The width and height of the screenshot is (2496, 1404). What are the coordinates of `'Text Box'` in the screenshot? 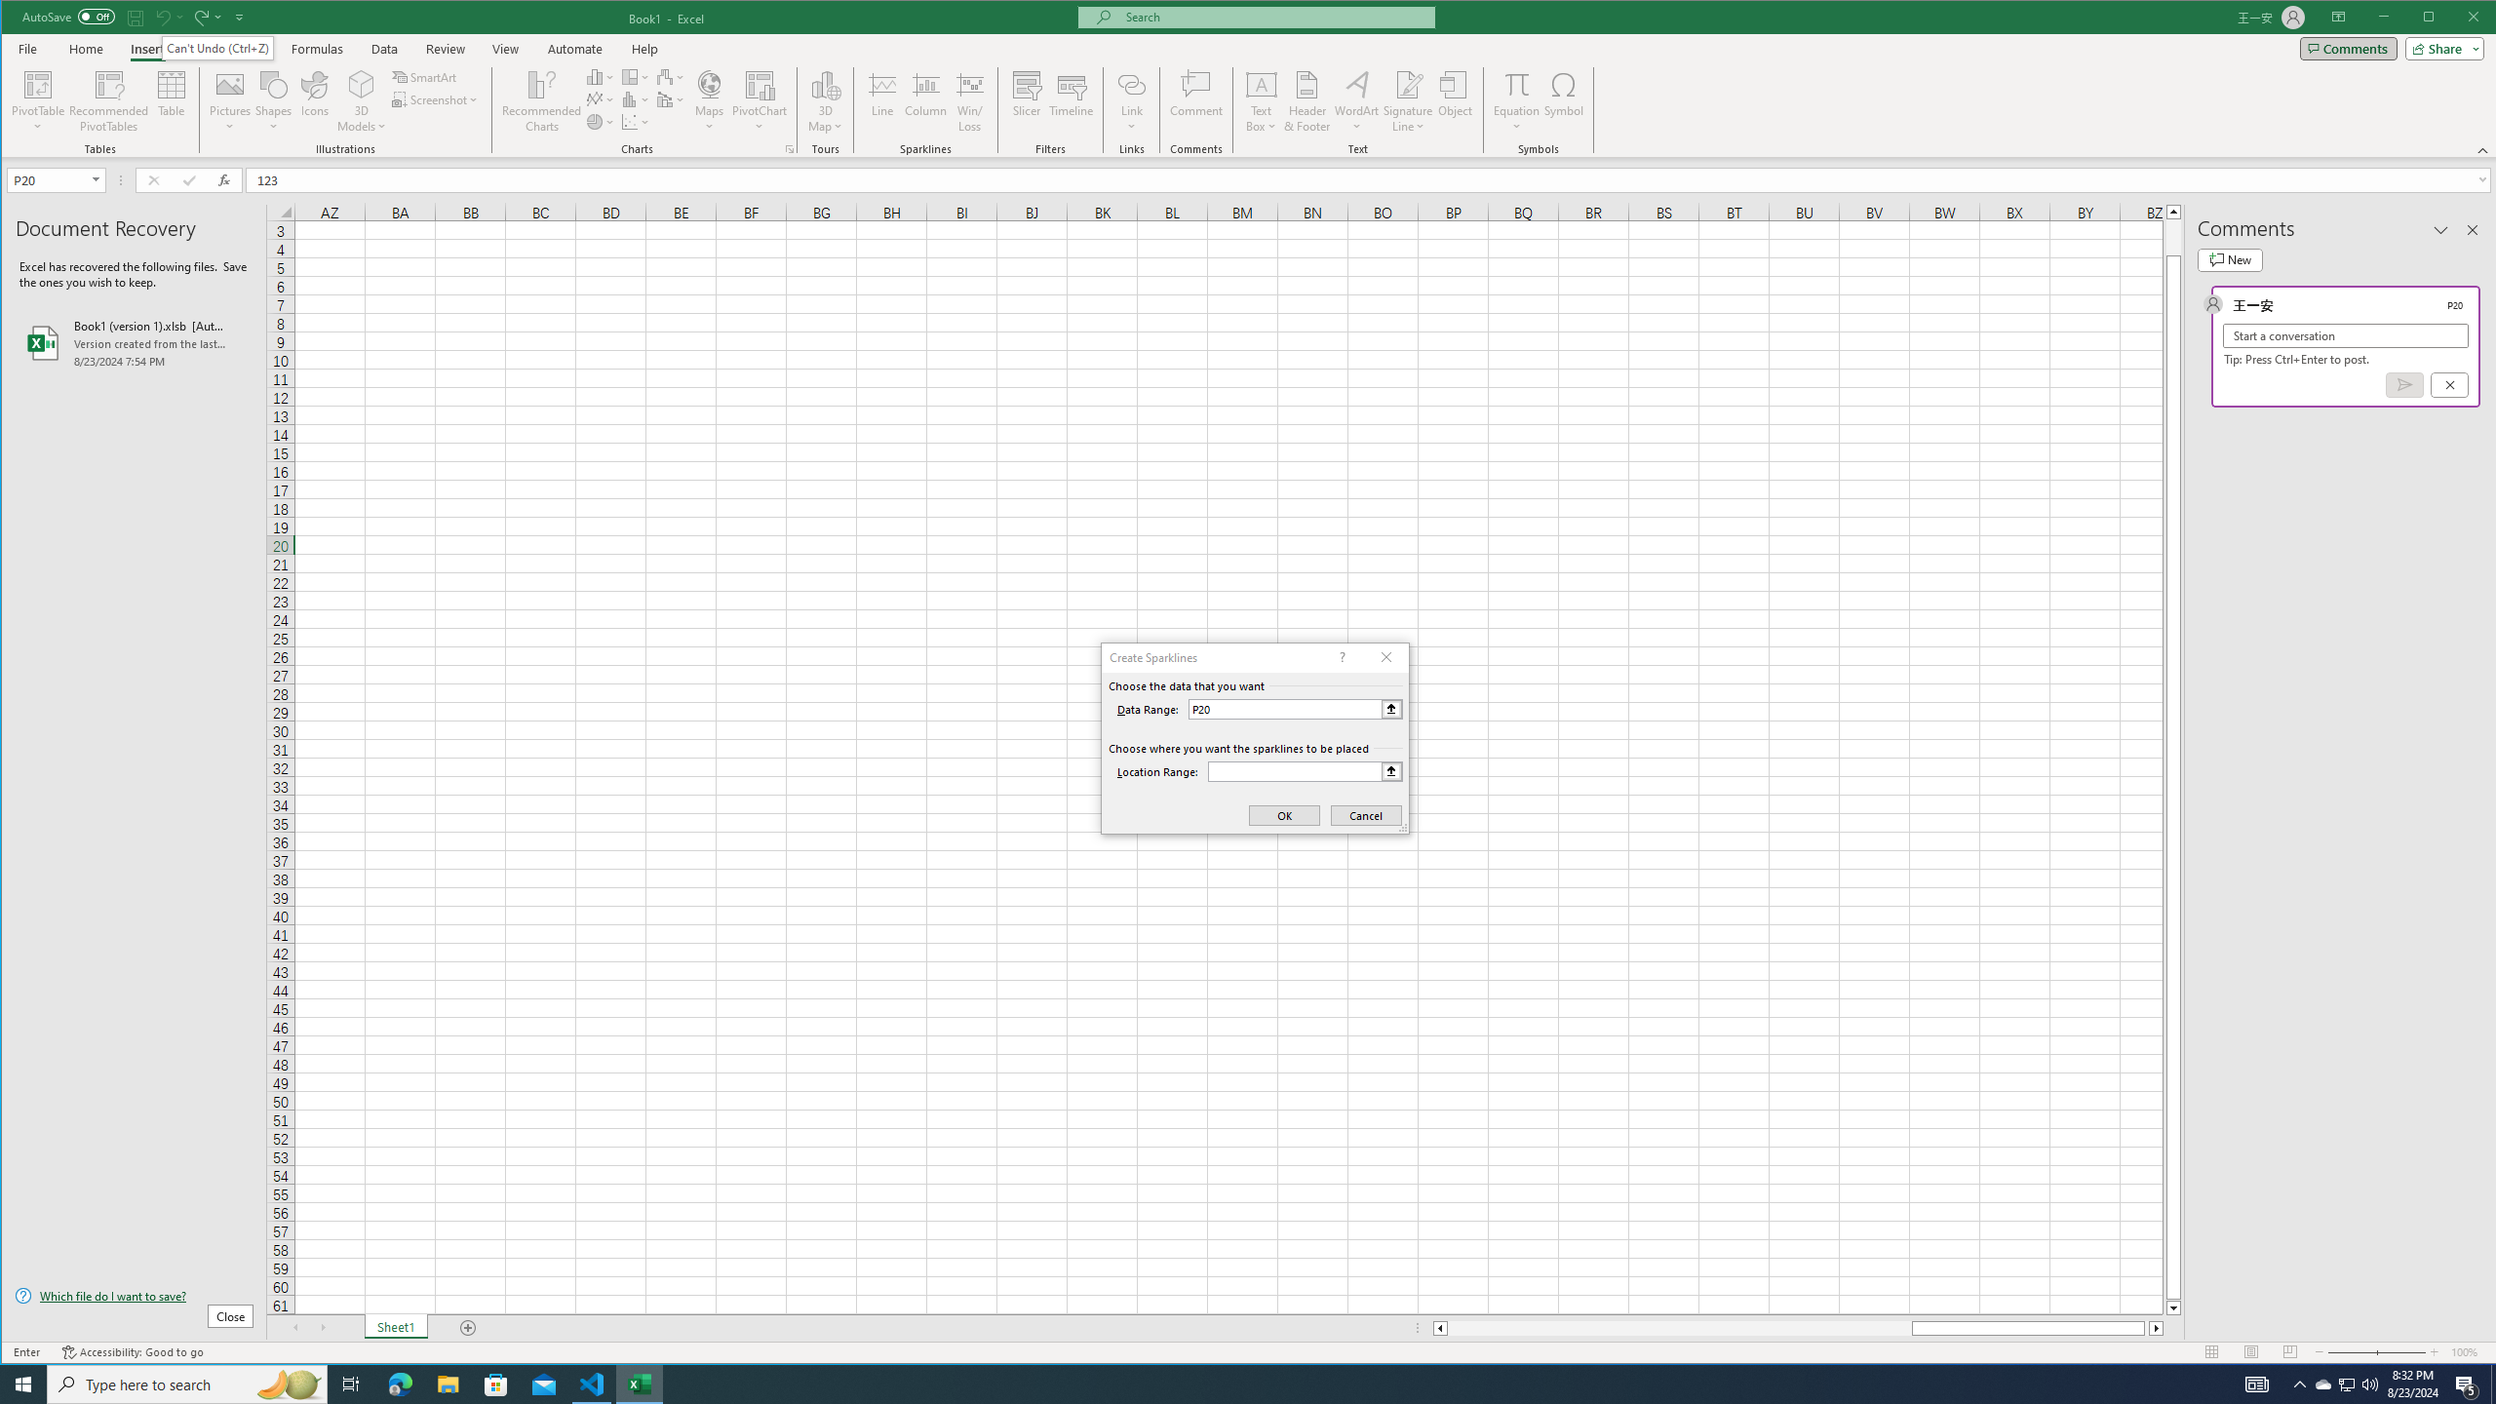 It's located at (1261, 100).